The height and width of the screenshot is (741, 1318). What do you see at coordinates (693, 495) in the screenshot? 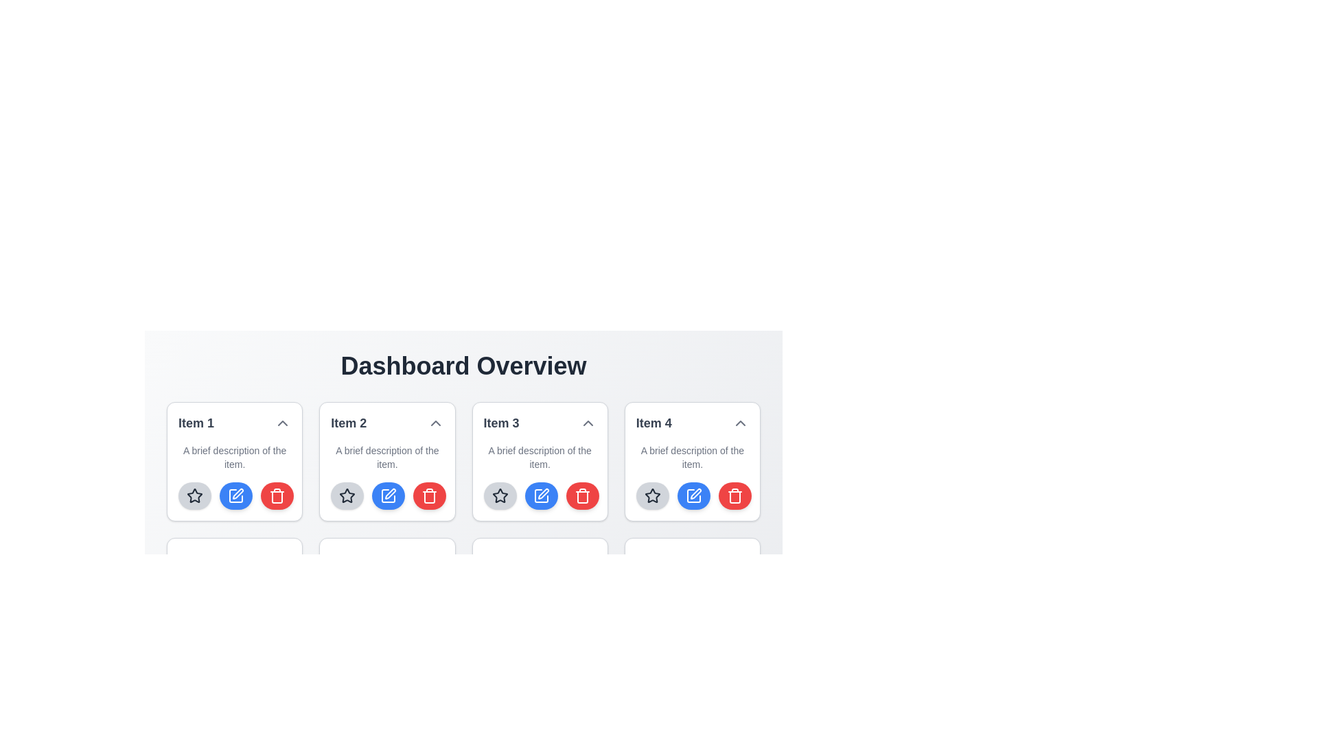
I see `the edit button located to the right of the star icon and to the left of the trash bin icon within the item card labeled 'Item 4' to initiate an edit action` at bounding box center [693, 495].